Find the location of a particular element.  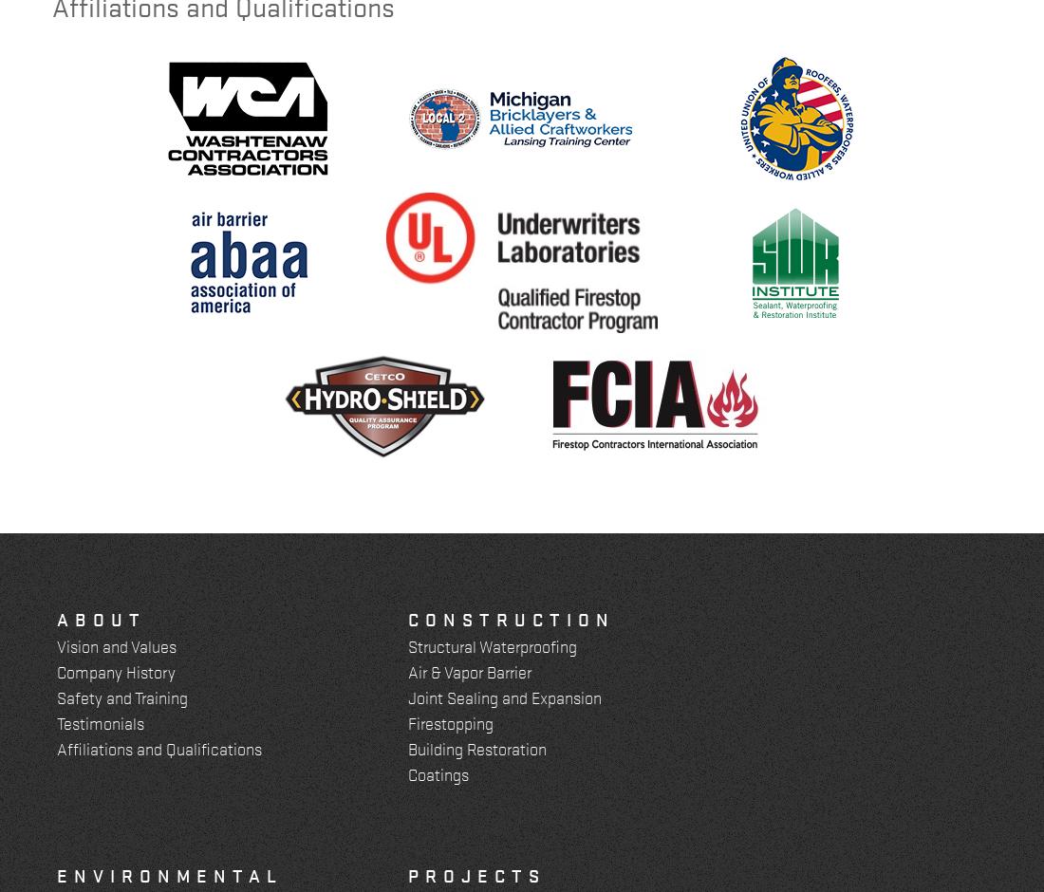

'Safety and Training' is located at coordinates (122, 697).